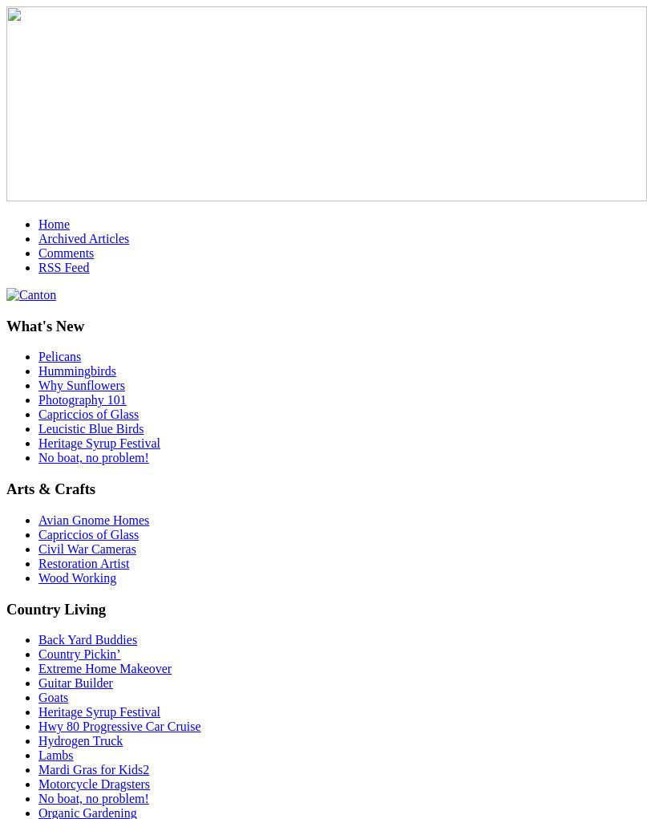 The width and height of the screenshot is (647, 819). Describe the element at coordinates (93, 768) in the screenshot. I see `'Mardi Gras for Kids2'` at that location.